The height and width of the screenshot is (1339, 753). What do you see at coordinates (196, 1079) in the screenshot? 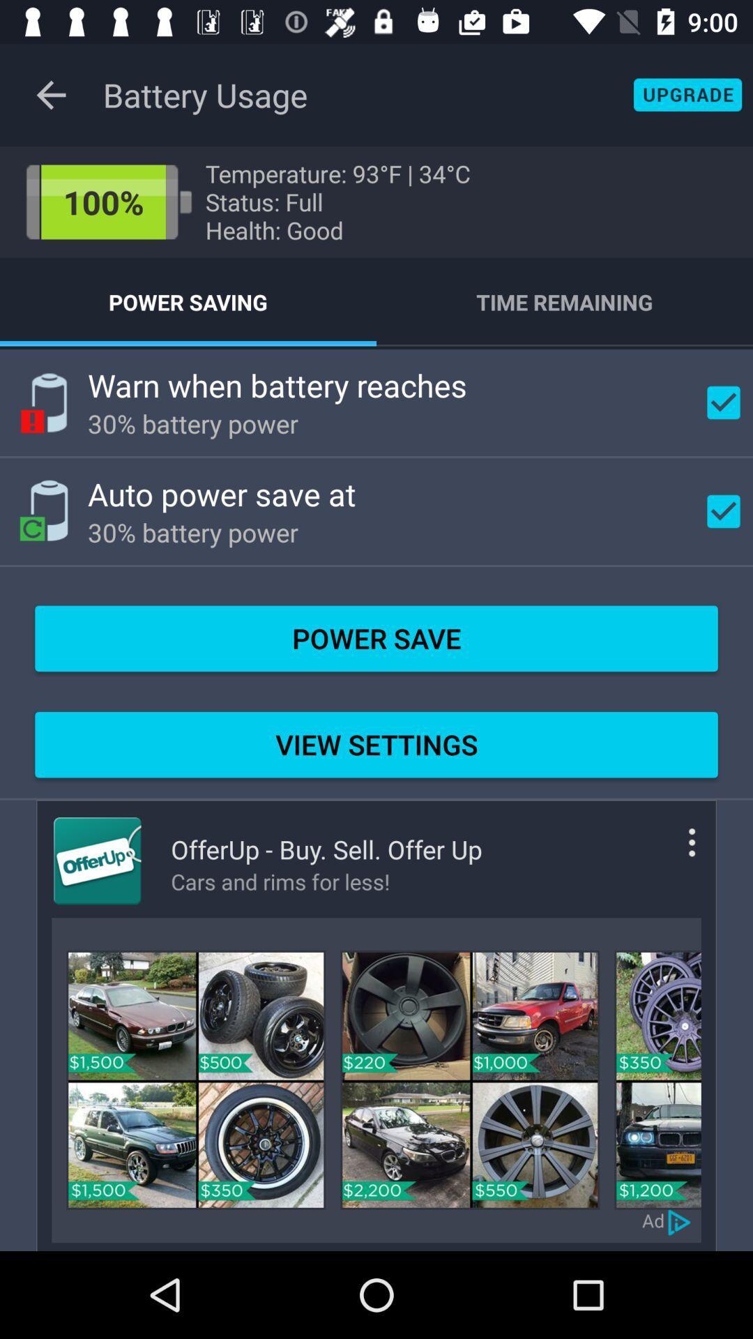
I see `click products to view` at bounding box center [196, 1079].